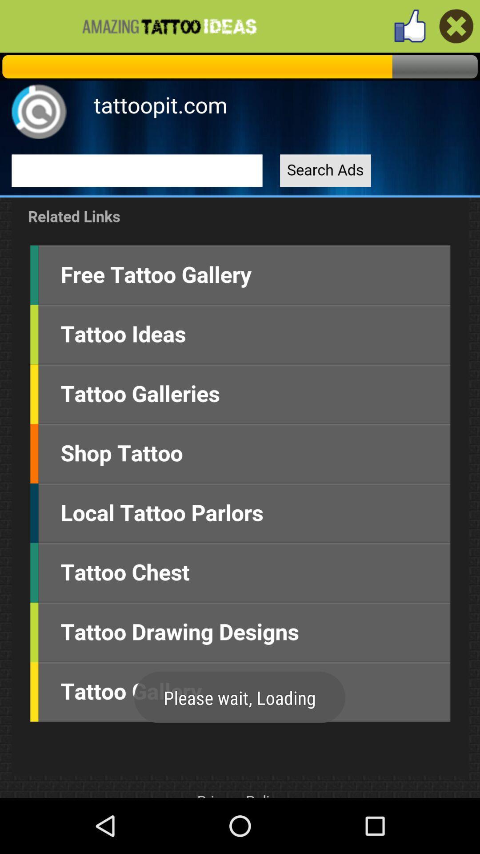  I want to click on like on facebook, so click(456, 26).